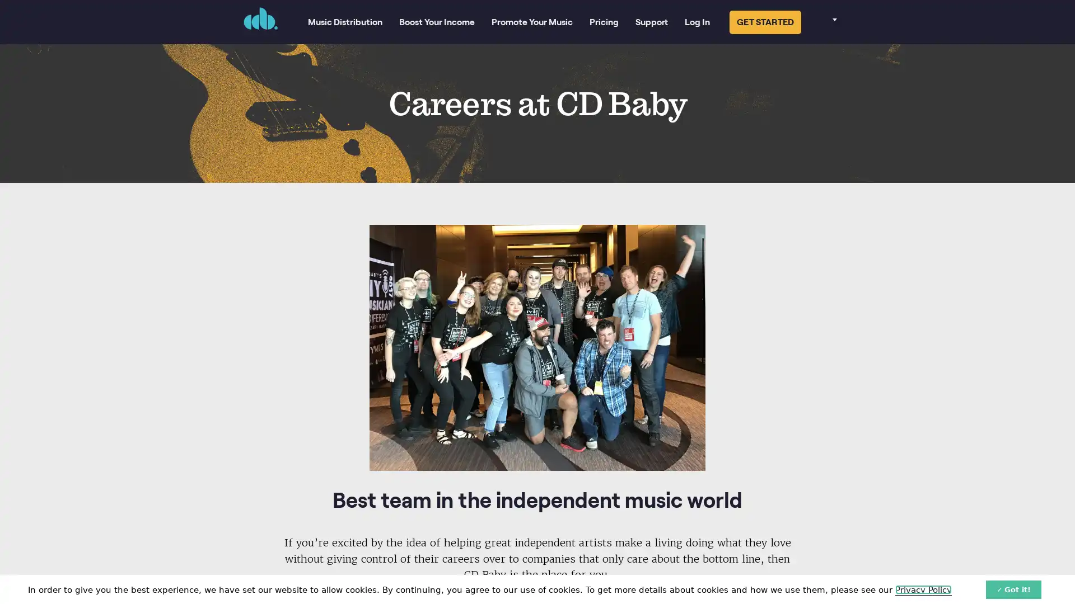 The height and width of the screenshot is (604, 1075). Describe the element at coordinates (1013, 588) in the screenshot. I see `Got it!` at that location.